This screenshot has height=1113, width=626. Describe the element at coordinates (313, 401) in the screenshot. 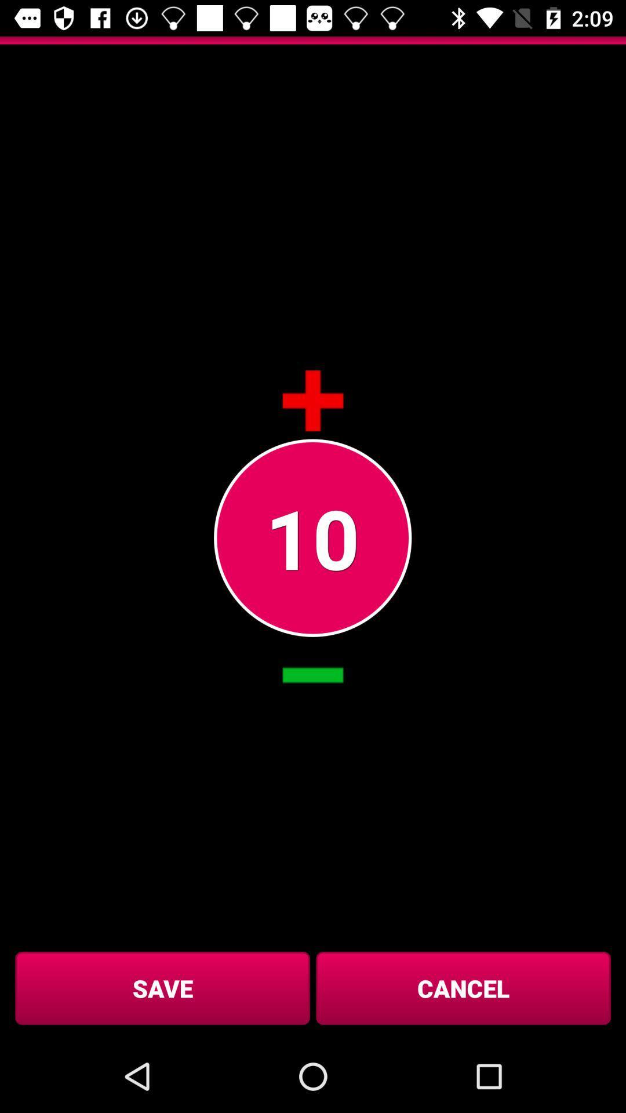

I see `the add icon` at that location.